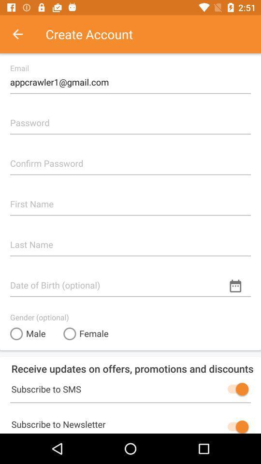 The height and width of the screenshot is (464, 261). What do you see at coordinates (130, 240) in the screenshot?
I see `last name row` at bounding box center [130, 240].